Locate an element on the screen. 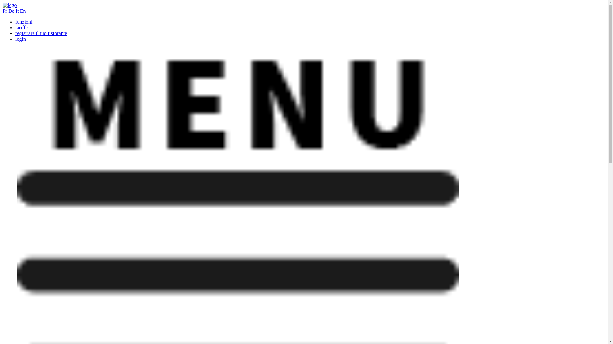 The height and width of the screenshot is (344, 613). 'En' is located at coordinates (23, 11).